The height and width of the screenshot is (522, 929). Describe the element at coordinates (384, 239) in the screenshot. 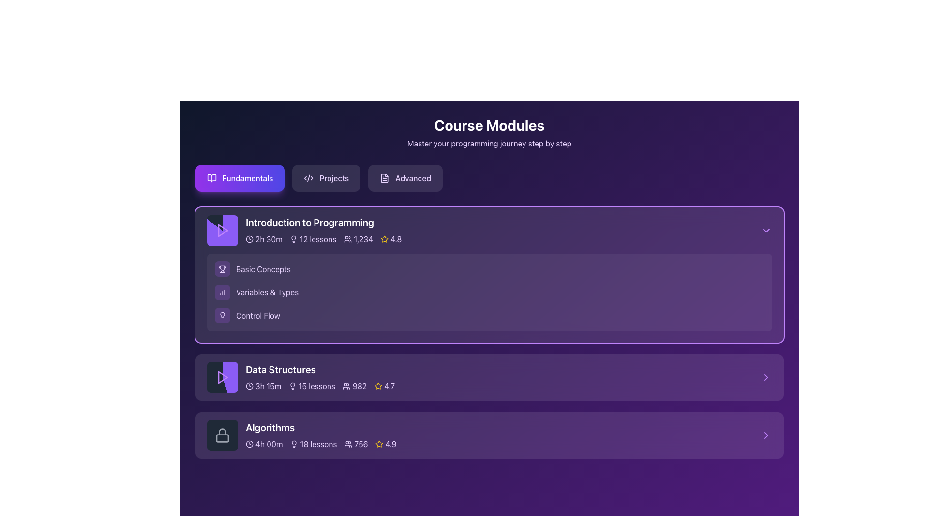

I see `the star icon representing the rating system for the 'Introduction to Programming' module, which is positioned next to the numeric rating '4.8' at the top of the course card` at that location.